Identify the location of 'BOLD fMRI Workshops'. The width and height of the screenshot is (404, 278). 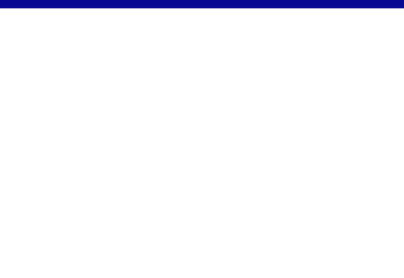
(167, 29).